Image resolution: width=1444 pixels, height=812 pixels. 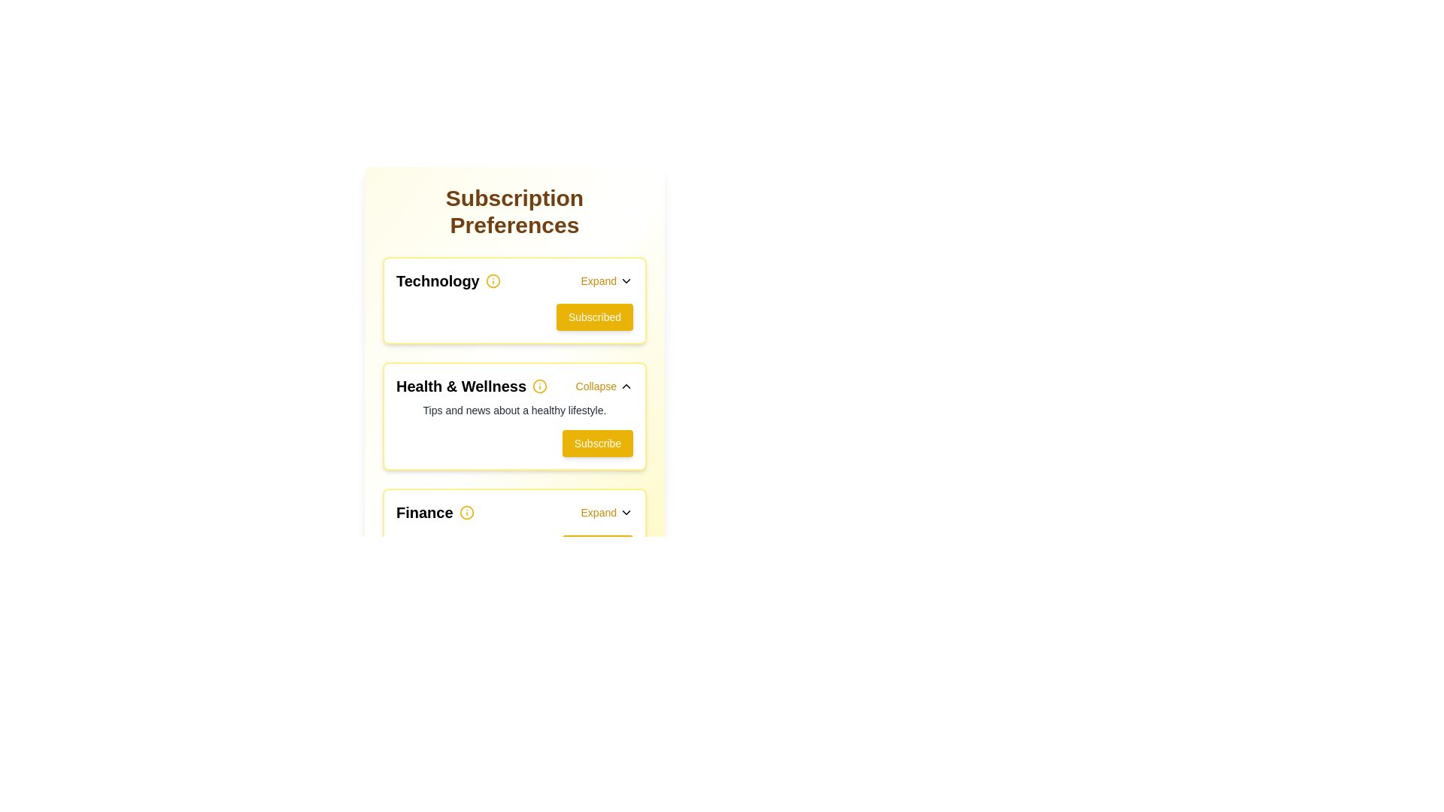 I want to click on text label that says 'Tips and news about a healthy lifestyle.' located in the second box labeled 'Health & Wellness', positioned below 'Health & Wellness Collapse' and above the 'Subscribe' button, so click(x=514, y=411).